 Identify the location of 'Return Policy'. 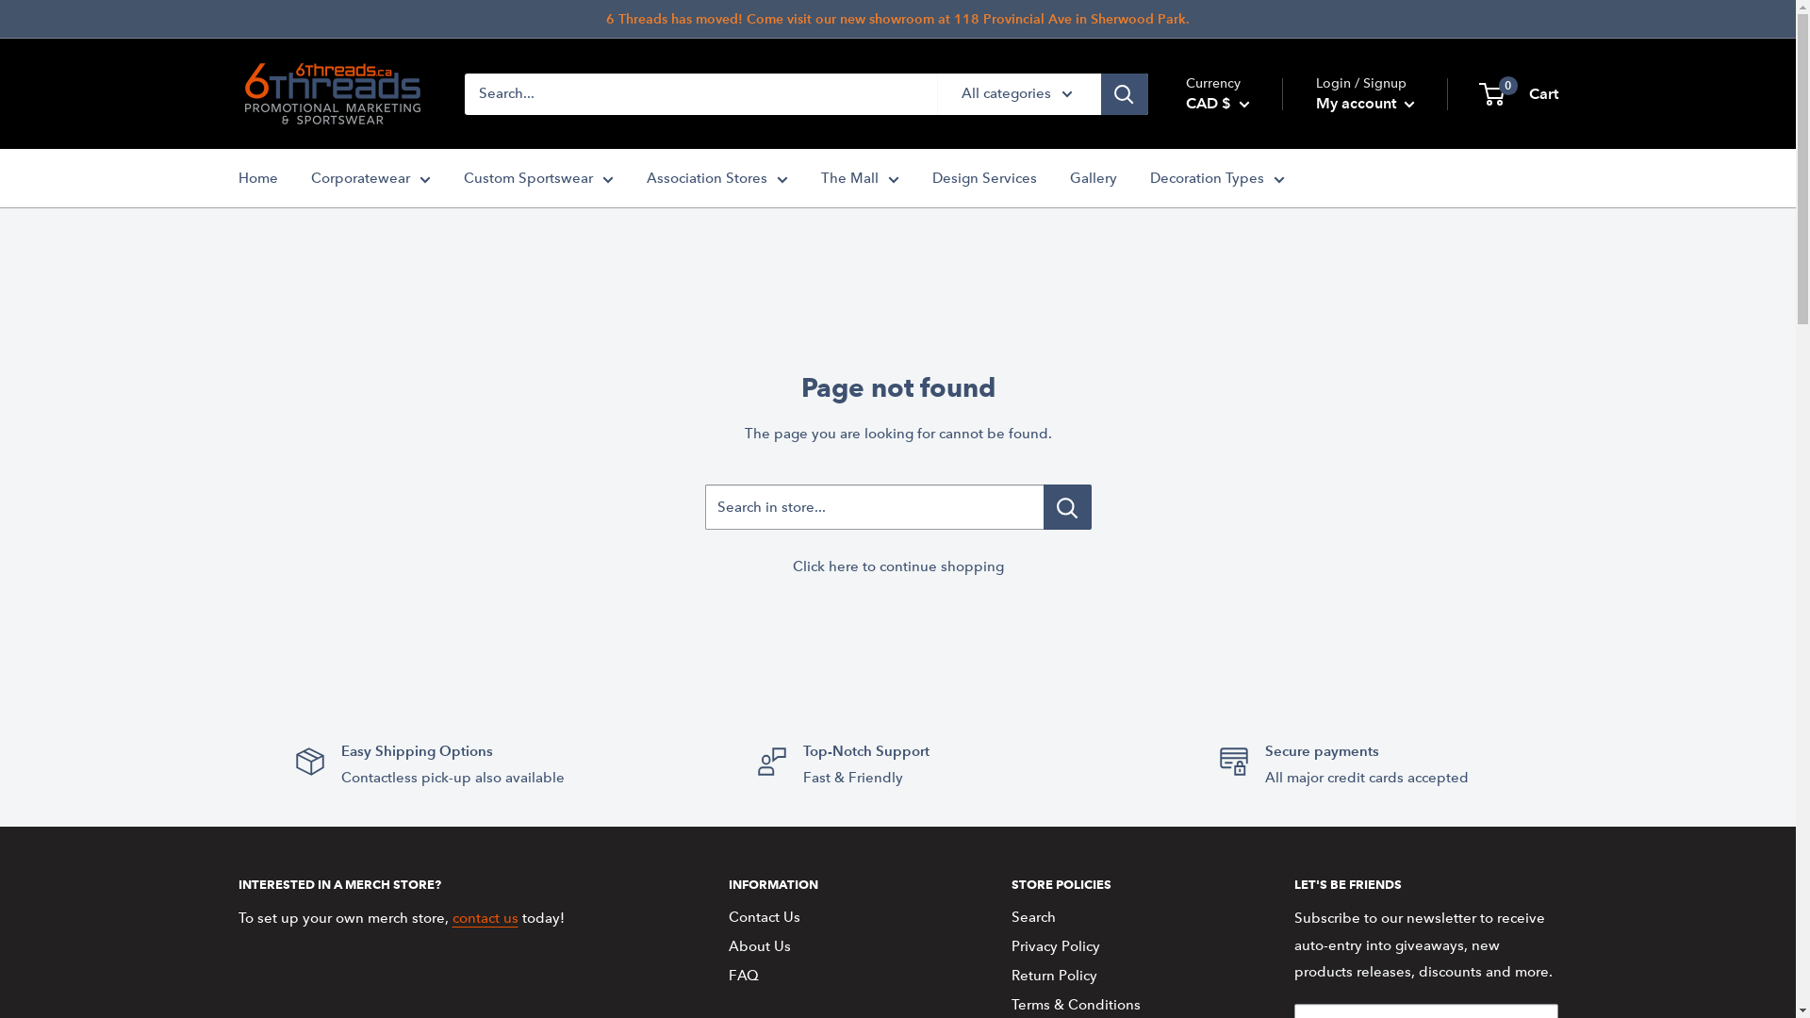
(1118, 976).